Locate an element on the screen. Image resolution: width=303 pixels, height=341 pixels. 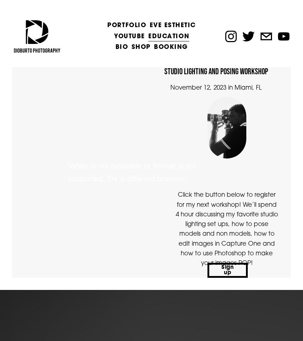
'November 12, 2023 in Miami, FL' is located at coordinates (215, 95).